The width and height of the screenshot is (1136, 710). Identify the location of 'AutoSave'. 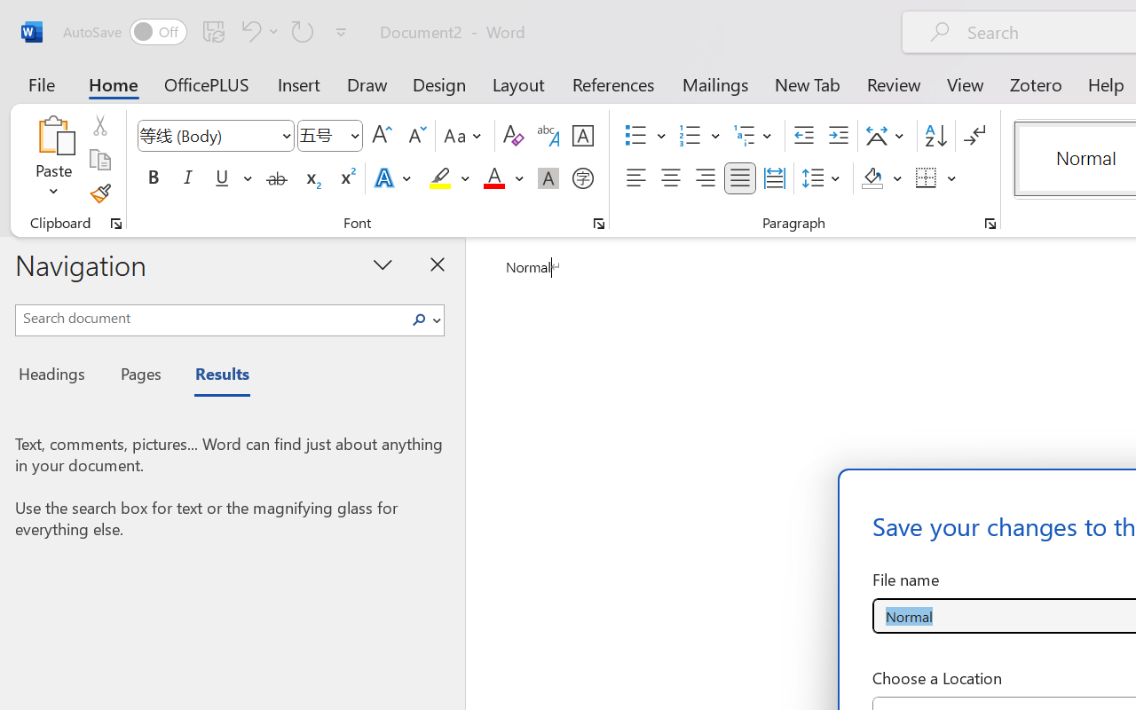
(123, 31).